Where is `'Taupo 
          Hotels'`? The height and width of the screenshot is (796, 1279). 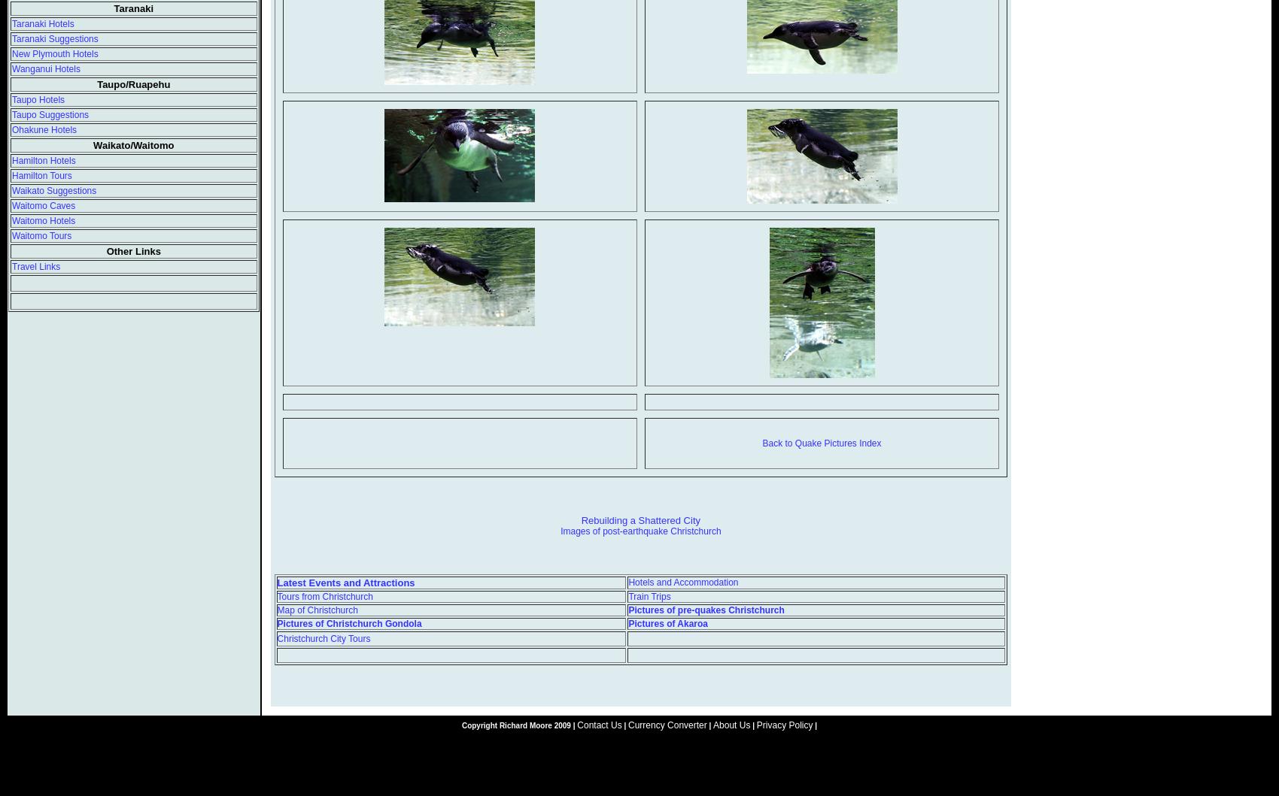
'Taupo 
          Hotels' is located at coordinates (38, 99).